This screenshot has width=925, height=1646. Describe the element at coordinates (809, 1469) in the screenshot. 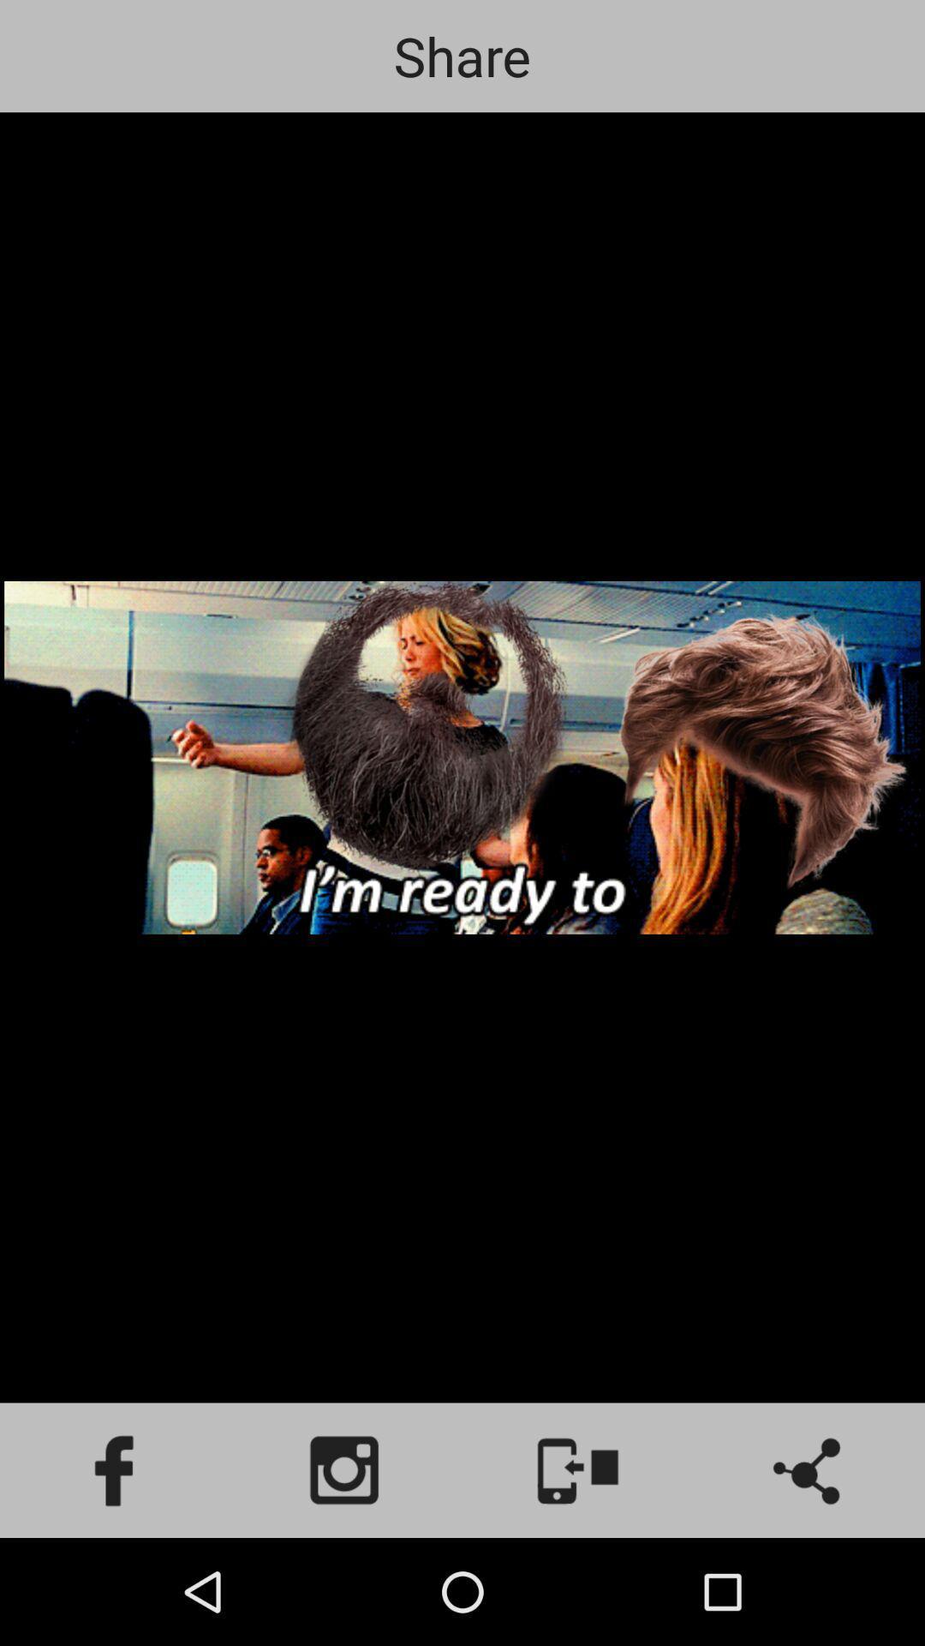

I see `the share icon` at that location.